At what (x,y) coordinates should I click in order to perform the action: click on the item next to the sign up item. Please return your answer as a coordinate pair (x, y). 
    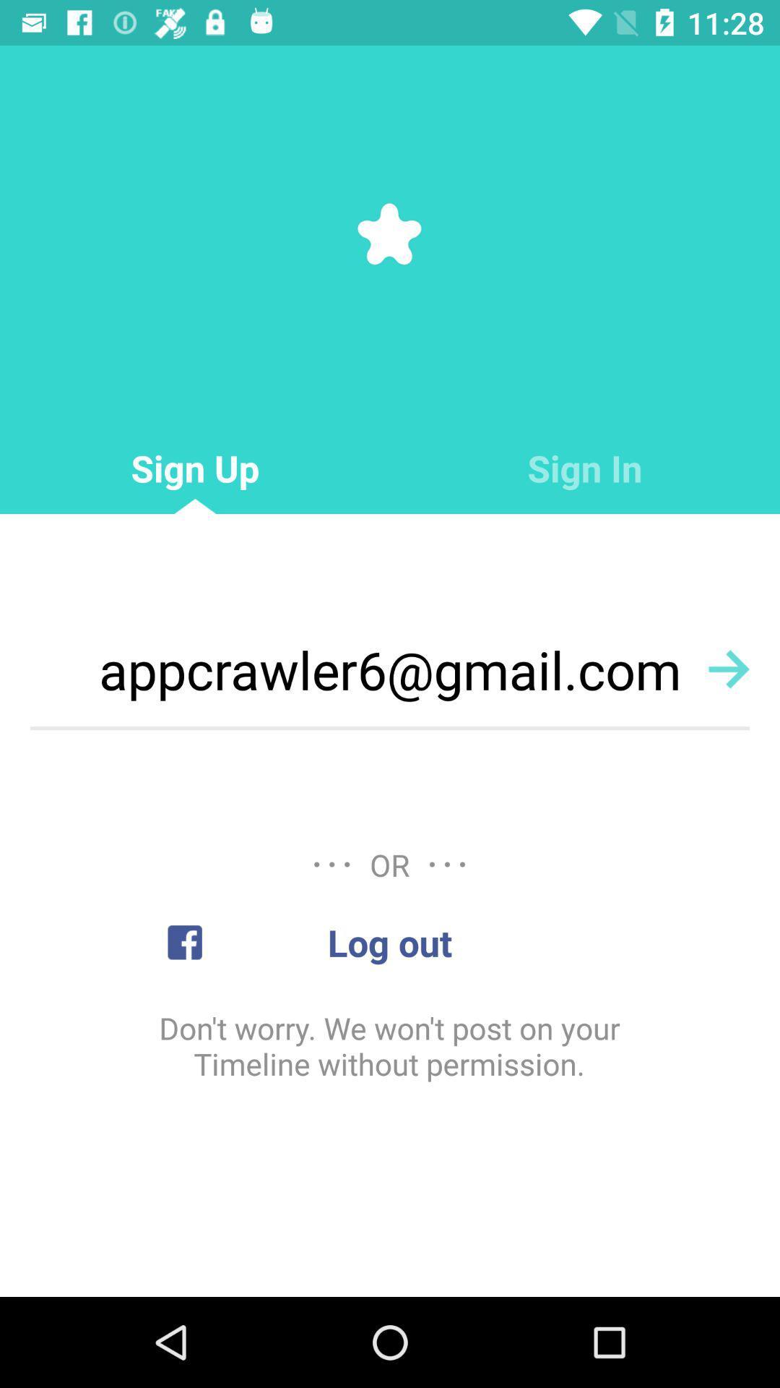
    Looking at the image, I should click on (585, 468).